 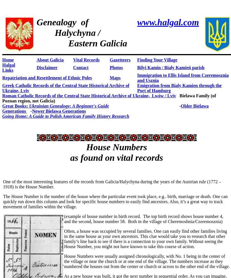 What do you see at coordinates (137, 67) in the screenshot?
I see `'Bilyi Kamin /'` at bounding box center [137, 67].